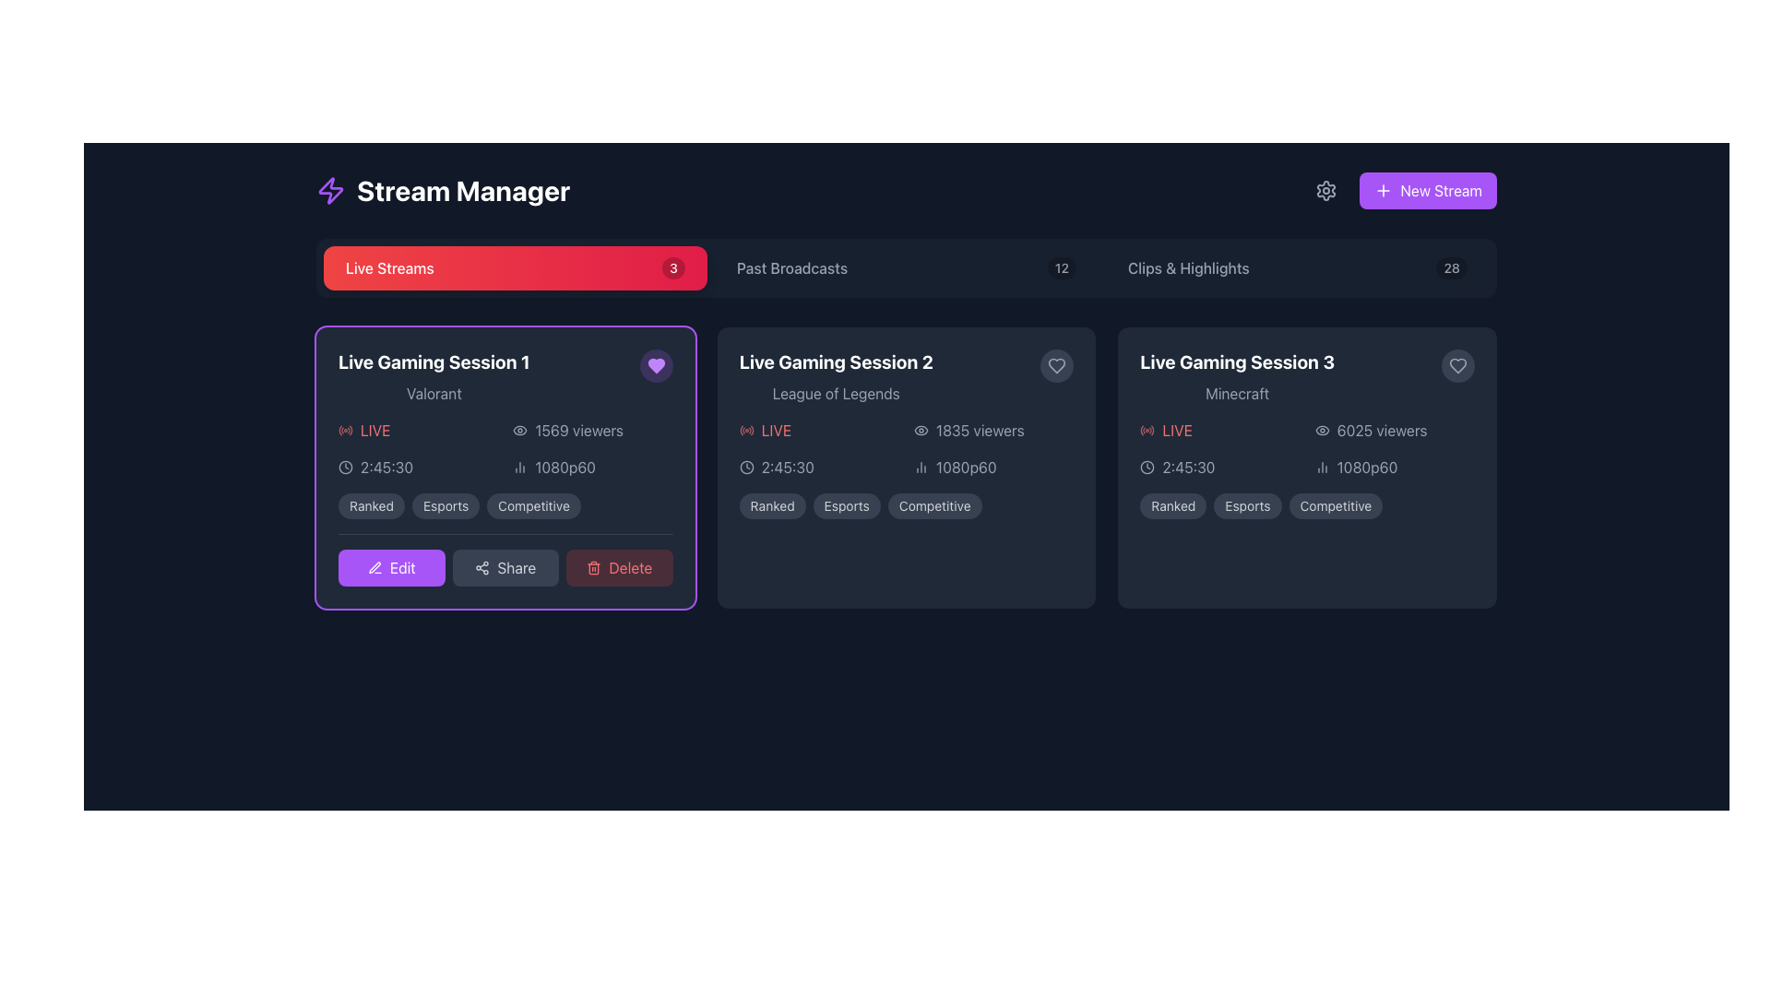 This screenshot has width=1771, height=996. Describe the element at coordinates (482, 567) in the screenshot. I see `the interconnected nodes icon within the 'Share' button, which is styled with a gray background and rounded corners, located in the panel for 'Live Gaming Session 1'` at that location.